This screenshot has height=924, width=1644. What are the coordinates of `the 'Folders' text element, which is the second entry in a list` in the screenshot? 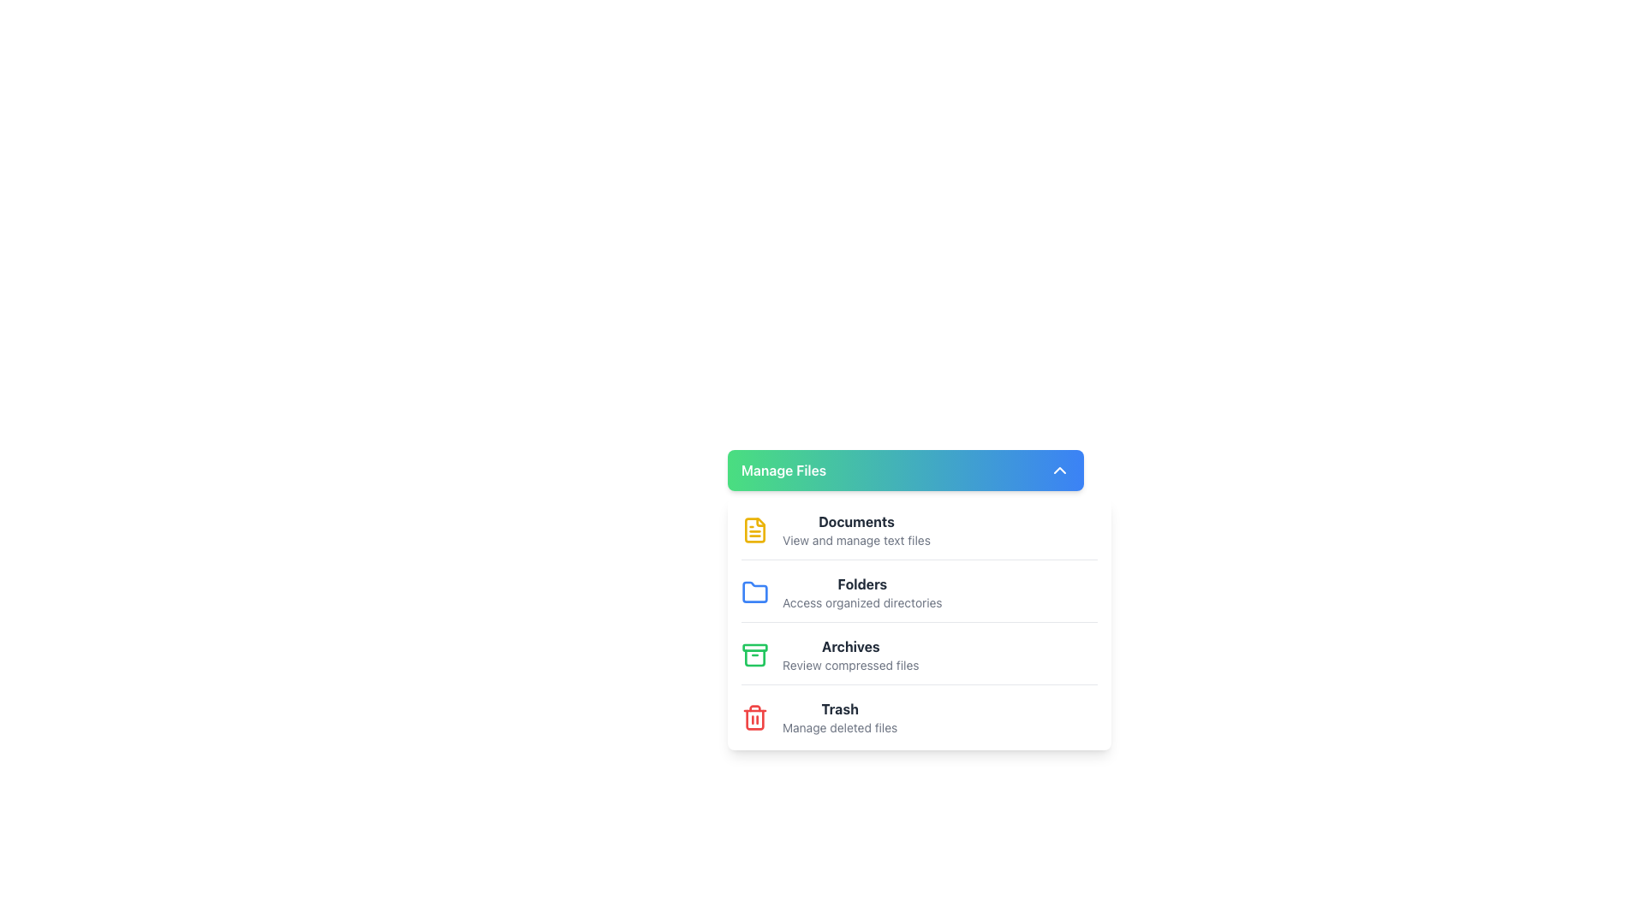 It's located at (862, 592).